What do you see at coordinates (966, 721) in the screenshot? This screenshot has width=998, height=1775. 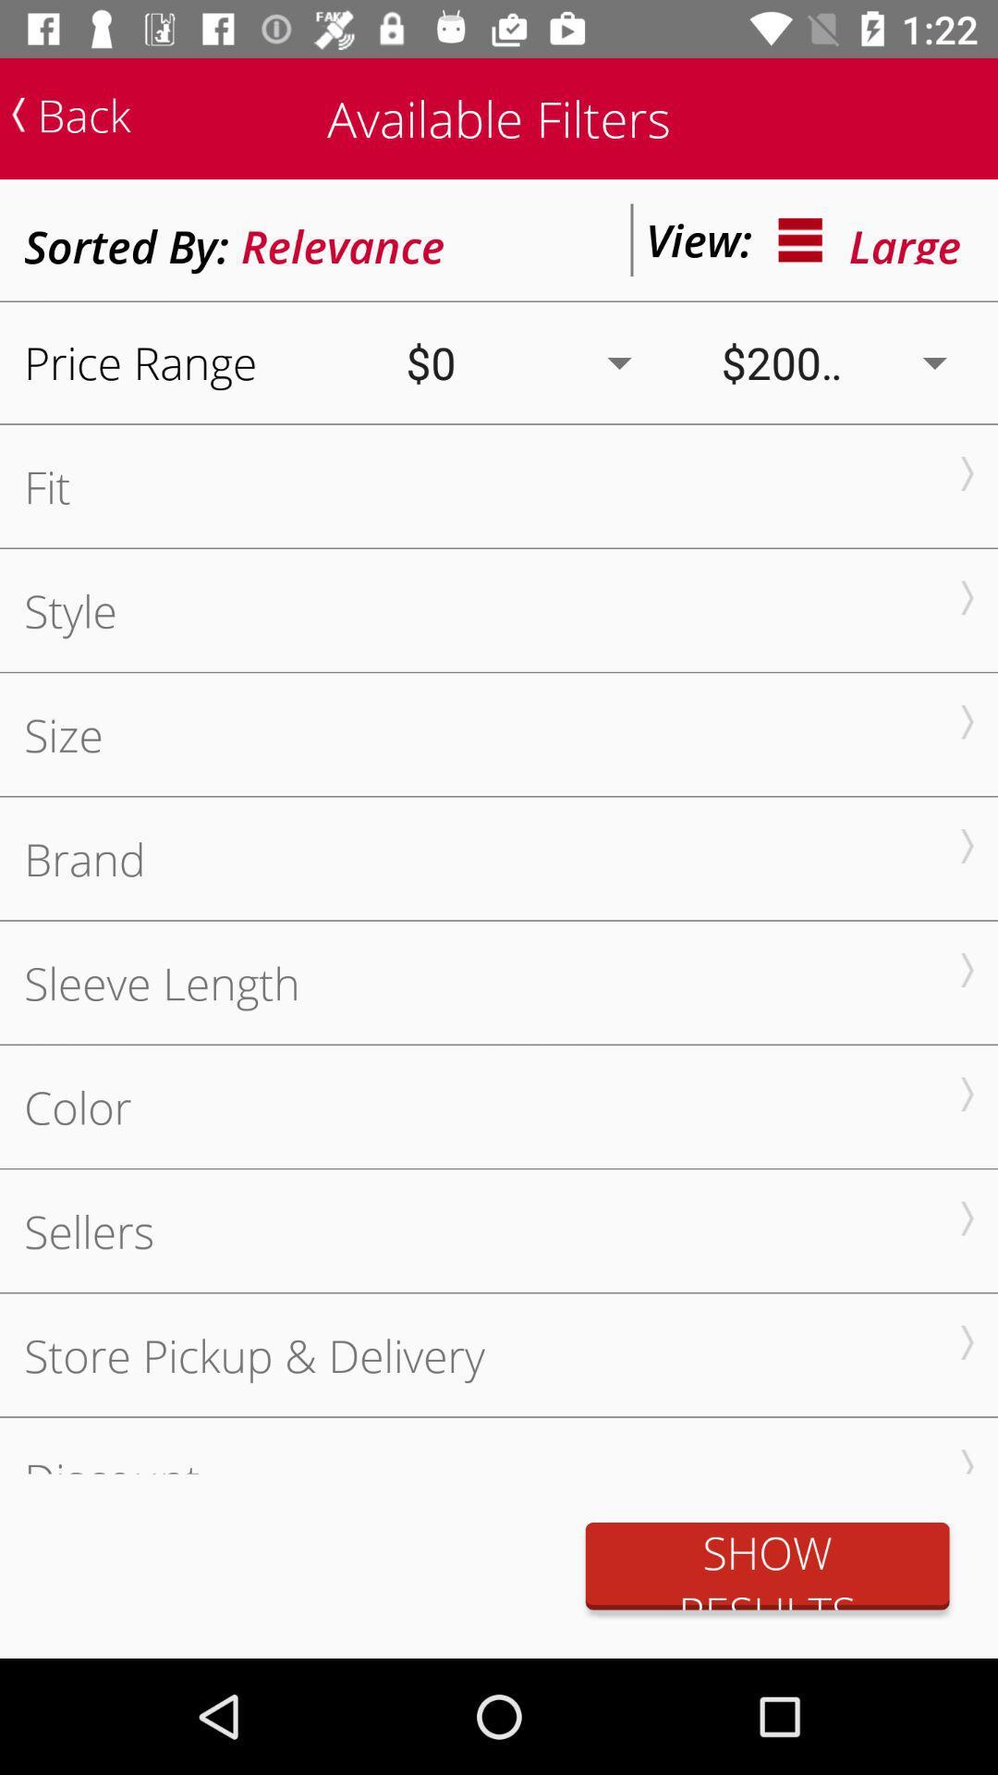 I see `the button on the right next to the button size on the web page` at bounding box center [966, 721].